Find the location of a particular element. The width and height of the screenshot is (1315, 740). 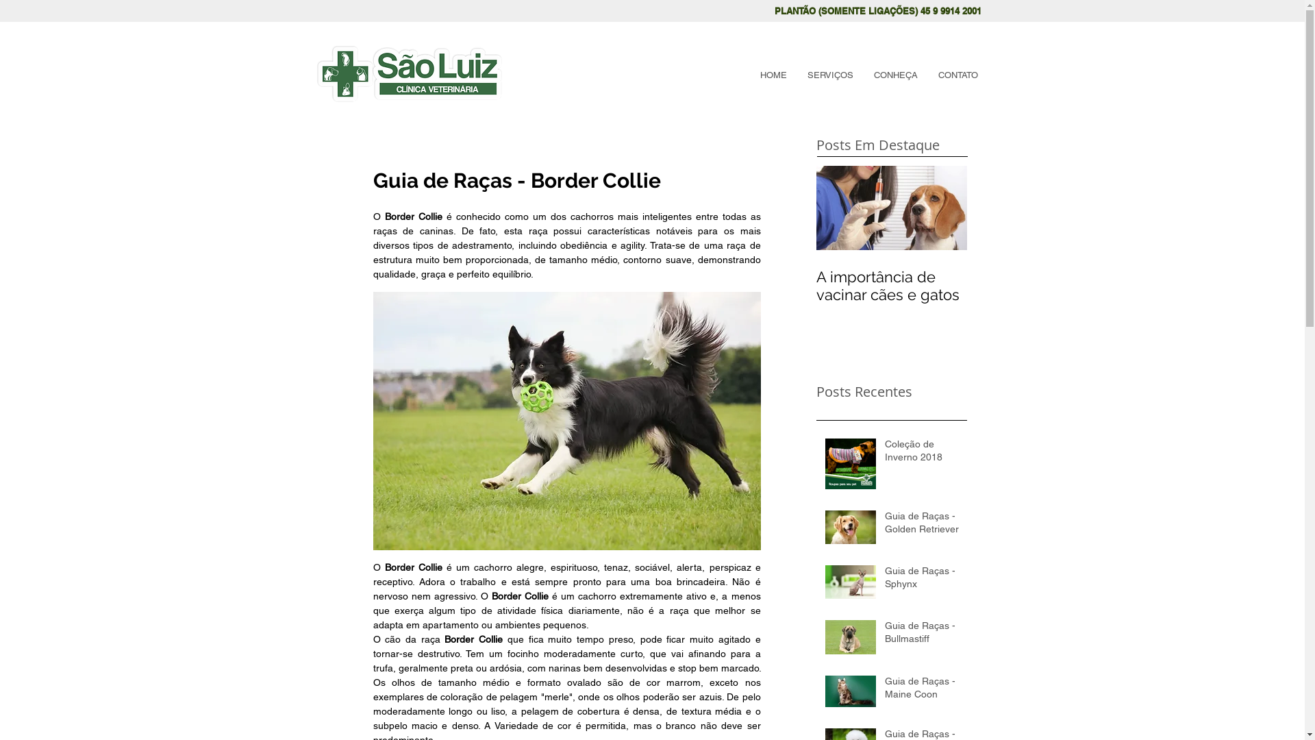

'HOME' is located at coordinates (773, 75).